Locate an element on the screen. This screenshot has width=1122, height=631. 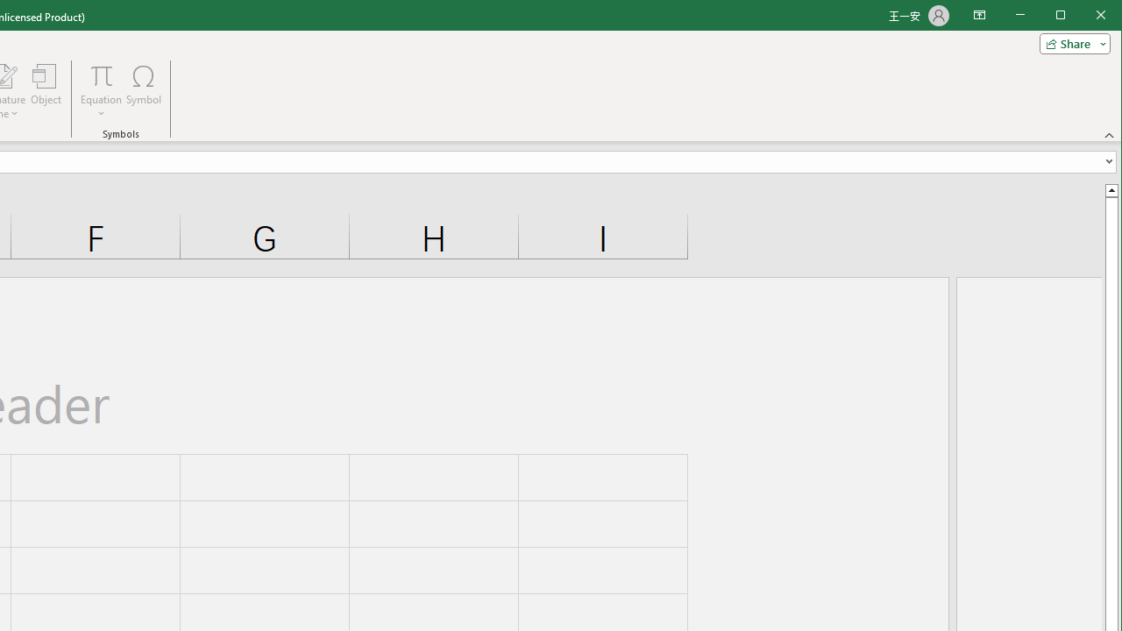
'Equation' is located at coordinates (100, 74).